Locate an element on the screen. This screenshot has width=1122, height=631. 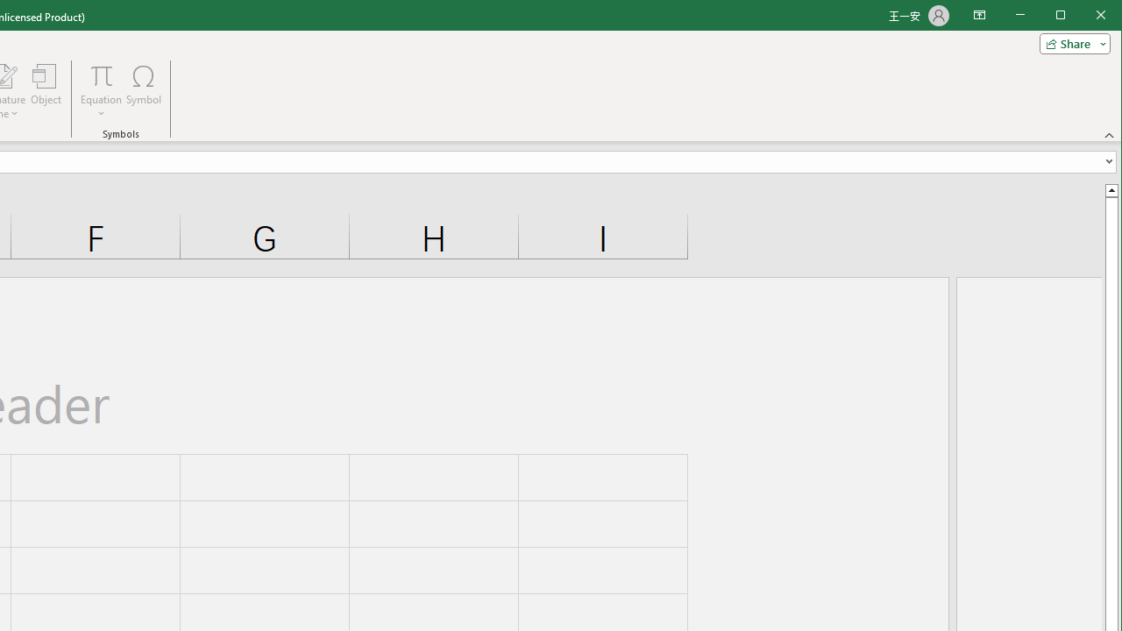
'Equation' is located at coordinates (100, 74).